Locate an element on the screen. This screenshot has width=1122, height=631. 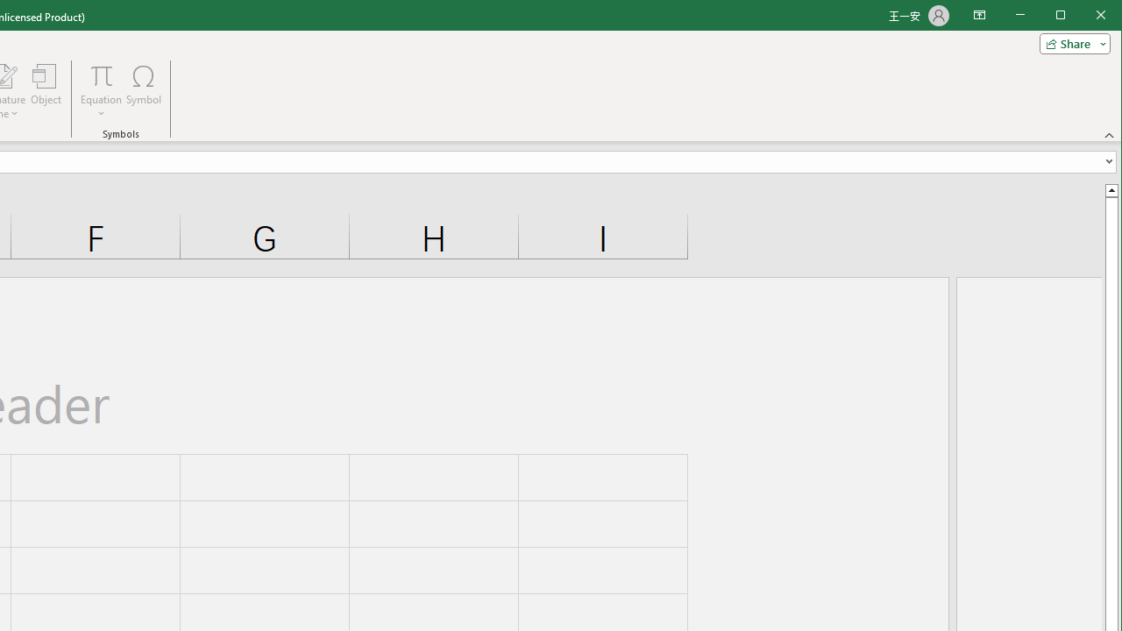
'Equation' is located at coordinates (100, 74).